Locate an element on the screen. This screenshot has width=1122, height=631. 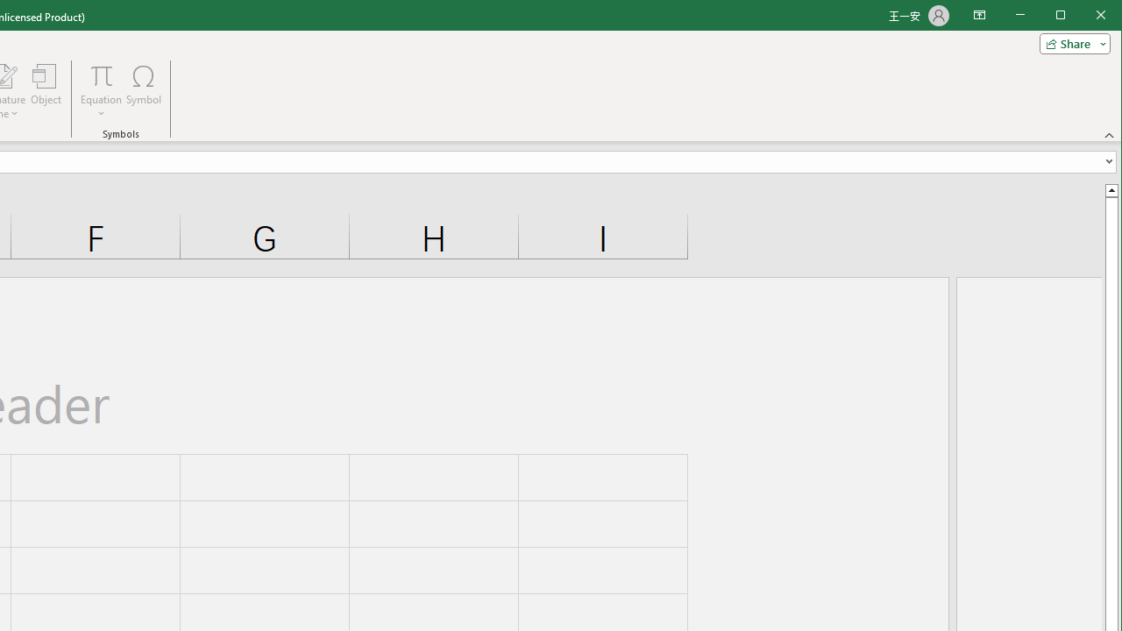
'Equation' is located at coordinates (100, 74).